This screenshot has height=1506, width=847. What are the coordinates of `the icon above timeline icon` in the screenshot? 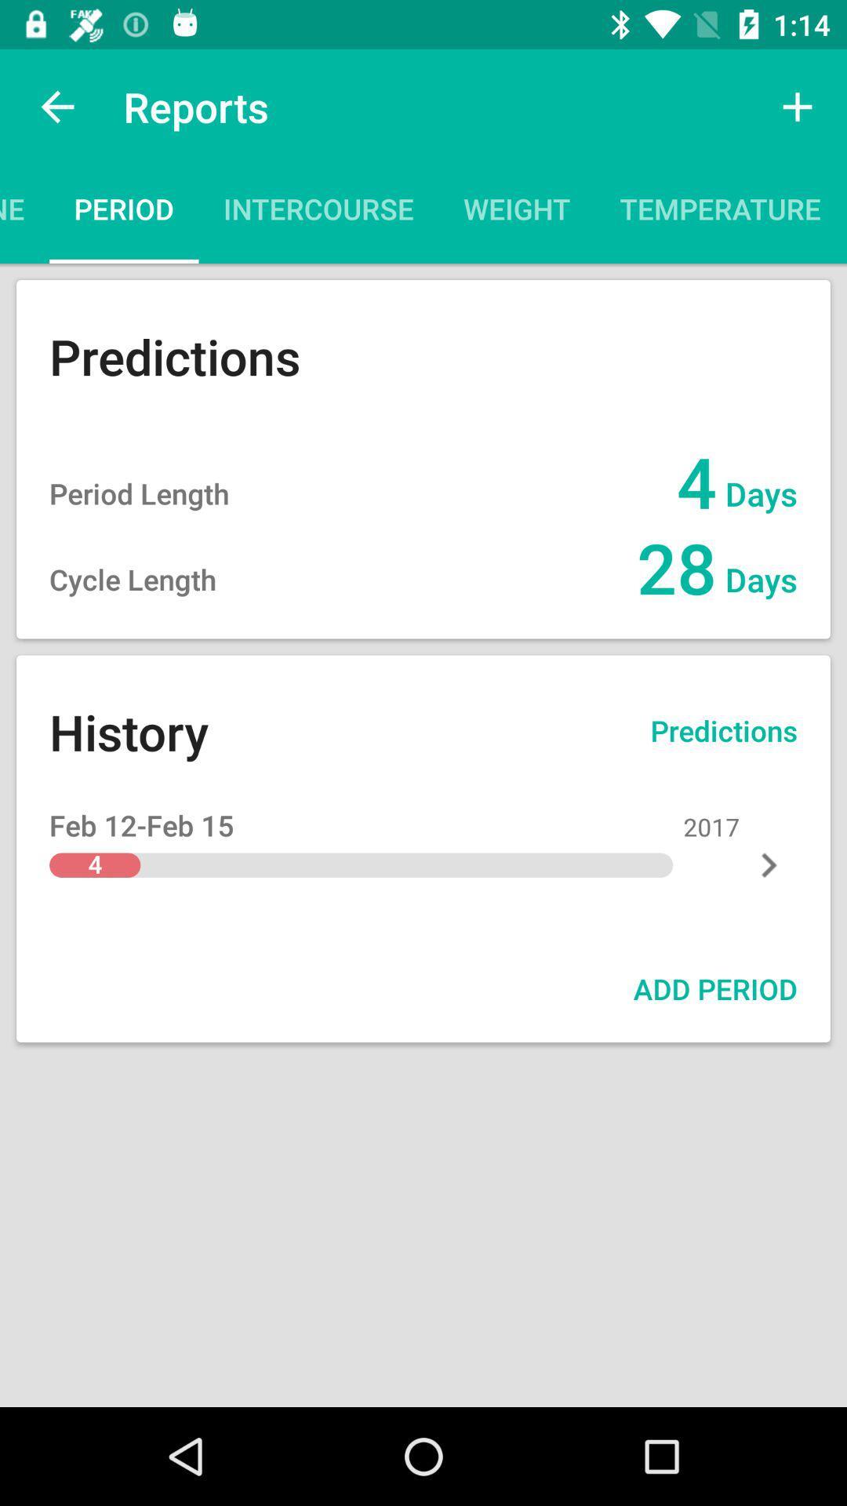 It's located at (56, 106).